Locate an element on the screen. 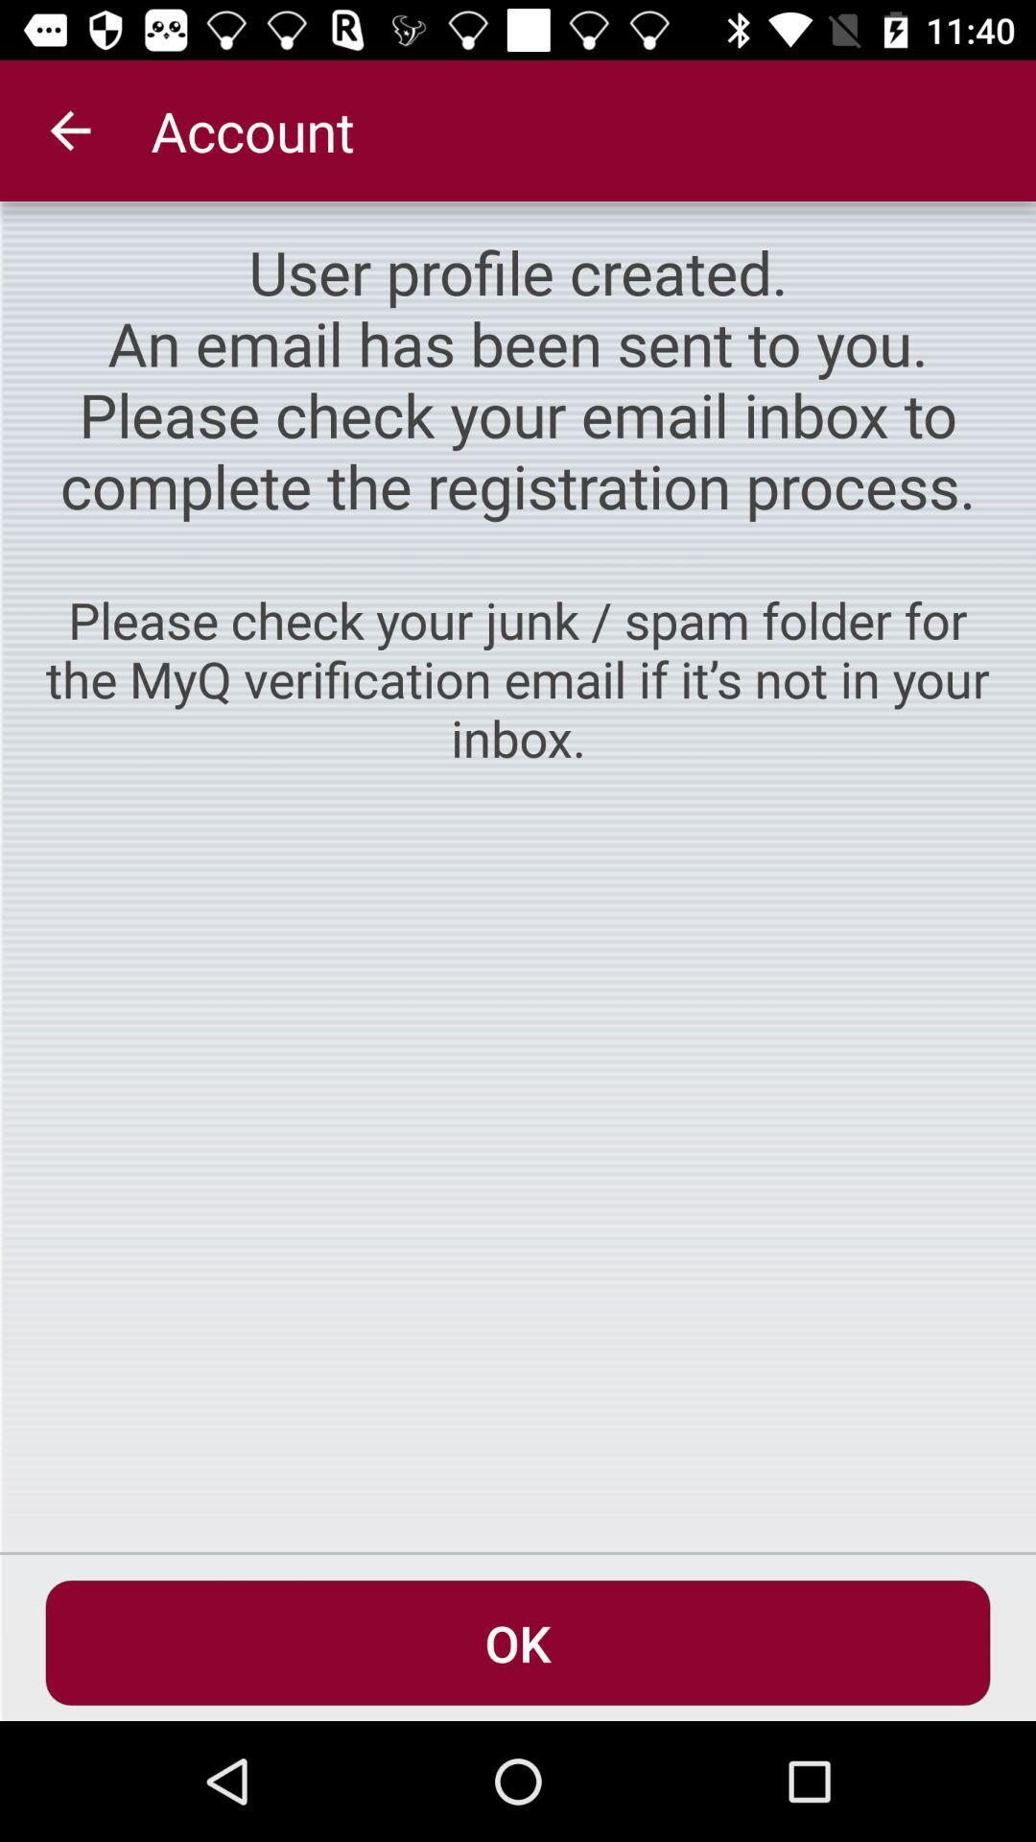 This screenshot has height=1842, width=1036. the icon next to the account item is located at coordinates (69, 130).